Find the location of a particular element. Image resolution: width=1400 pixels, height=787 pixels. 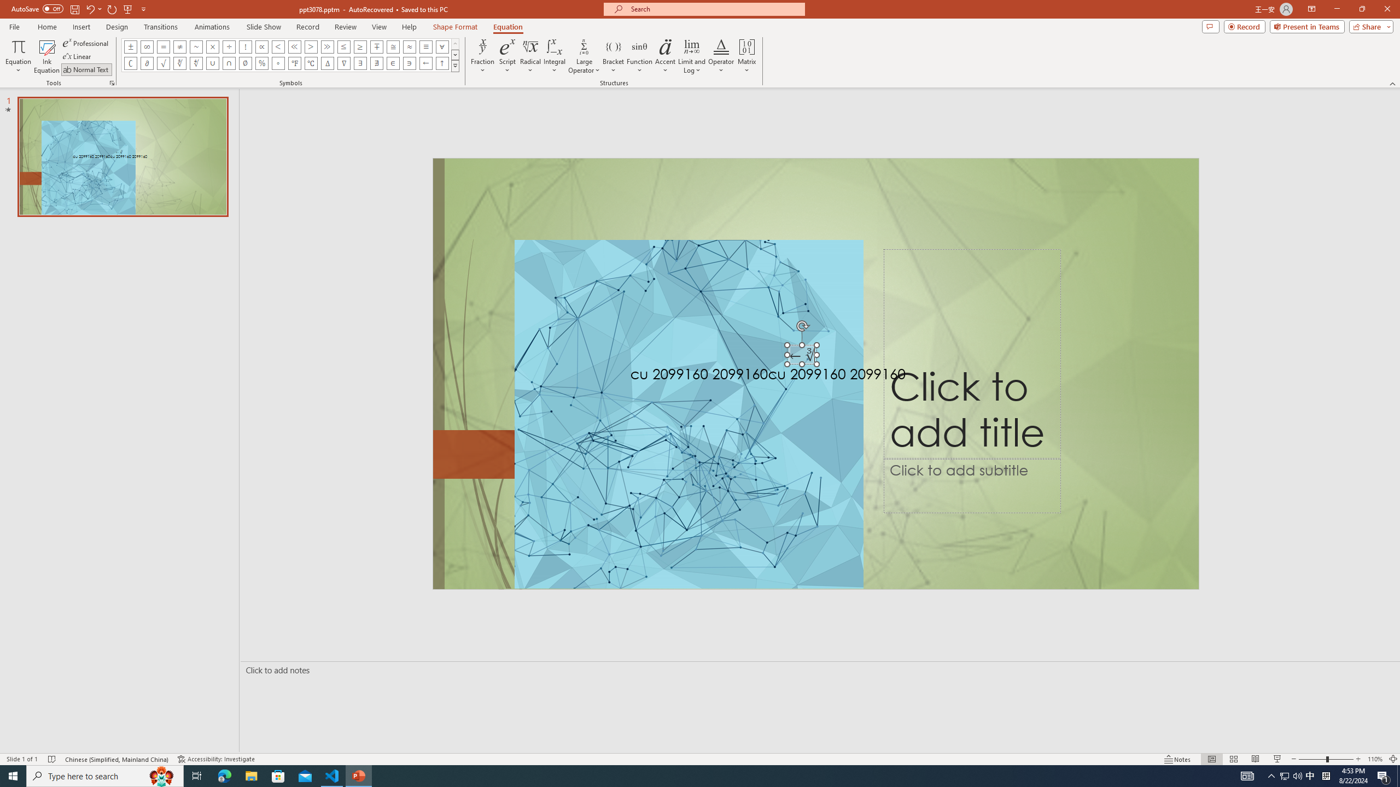

'Equation Symbol Partial Differential' is located at coordinates (147, 62).